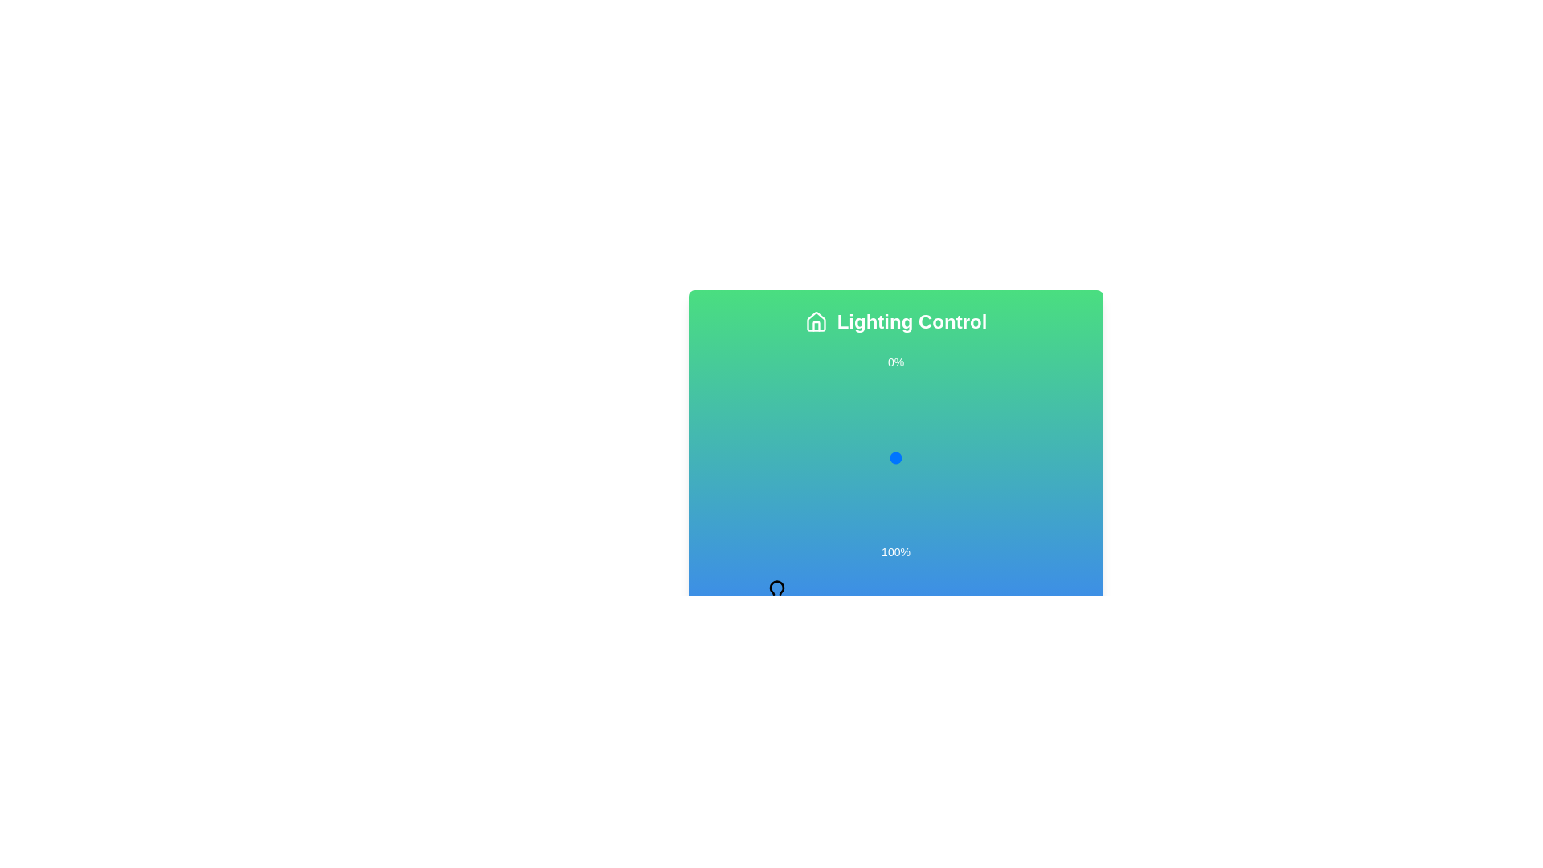  I want to click on the label displaying 'Lighting Control' with a white house icon on a green-to-blue gradient background, positioned at the top of the panel, so click(894, 322).